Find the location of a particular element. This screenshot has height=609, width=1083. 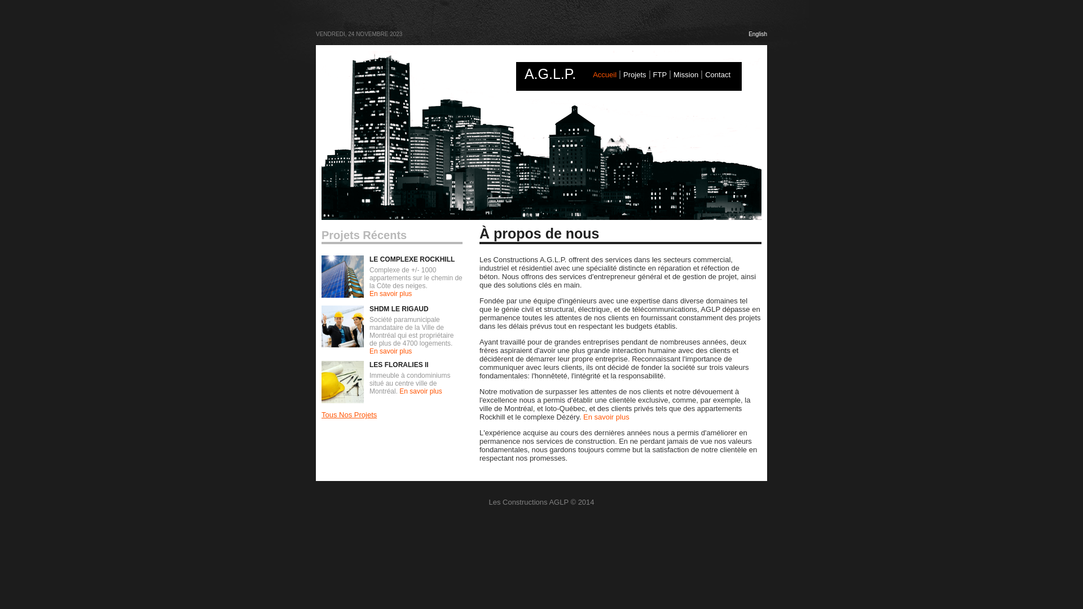

'English' is located at coordinates (758, 33).